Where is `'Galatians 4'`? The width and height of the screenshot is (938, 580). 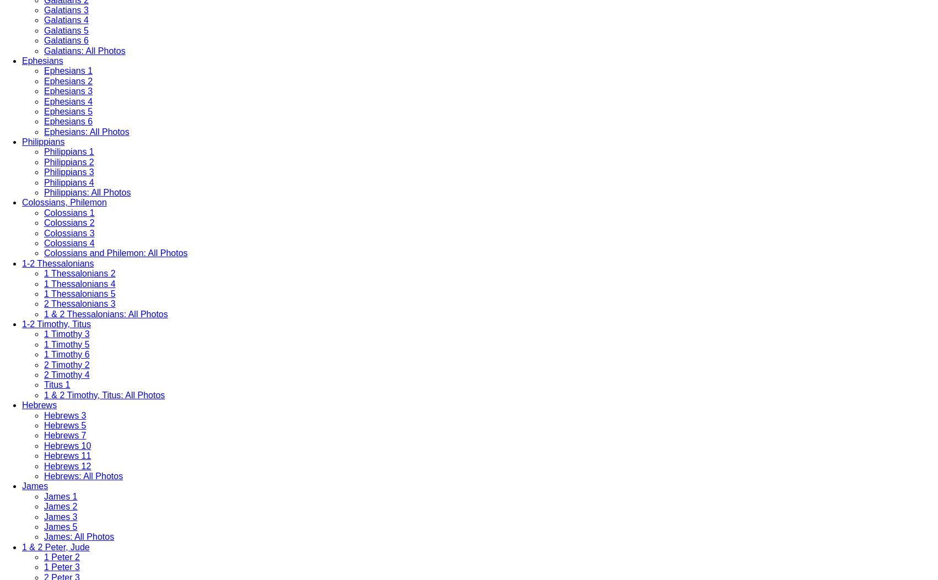 'Galatians 4' is located at coordinates (66, 20).